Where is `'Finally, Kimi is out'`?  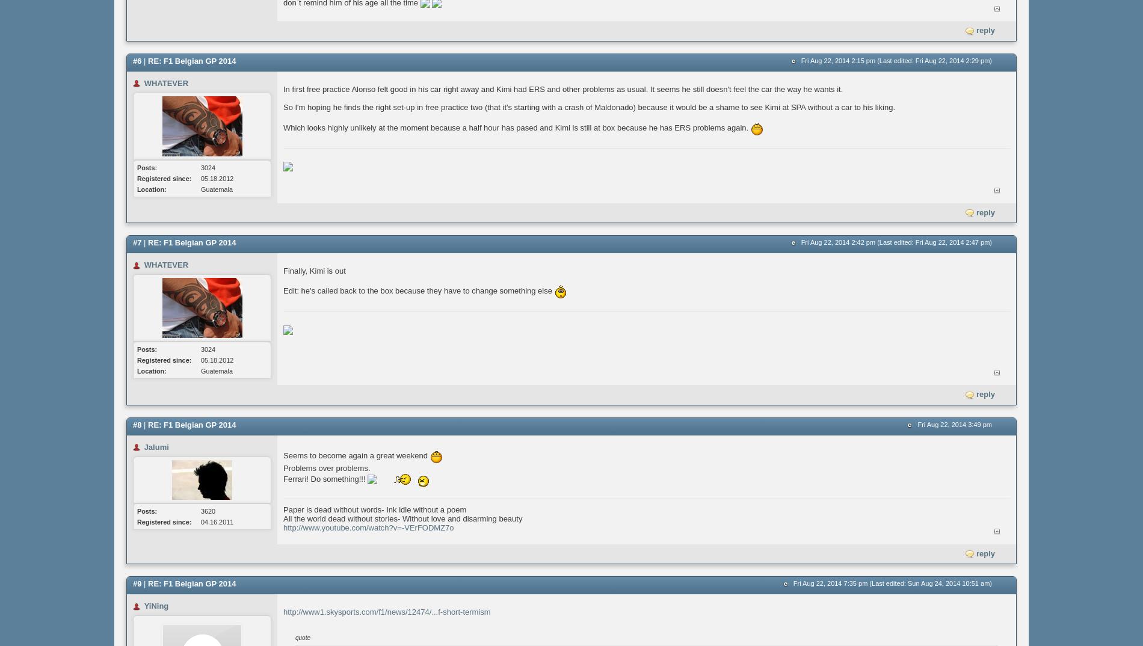 'Finally, Kimi is out' is located at coordinates (314, 270).